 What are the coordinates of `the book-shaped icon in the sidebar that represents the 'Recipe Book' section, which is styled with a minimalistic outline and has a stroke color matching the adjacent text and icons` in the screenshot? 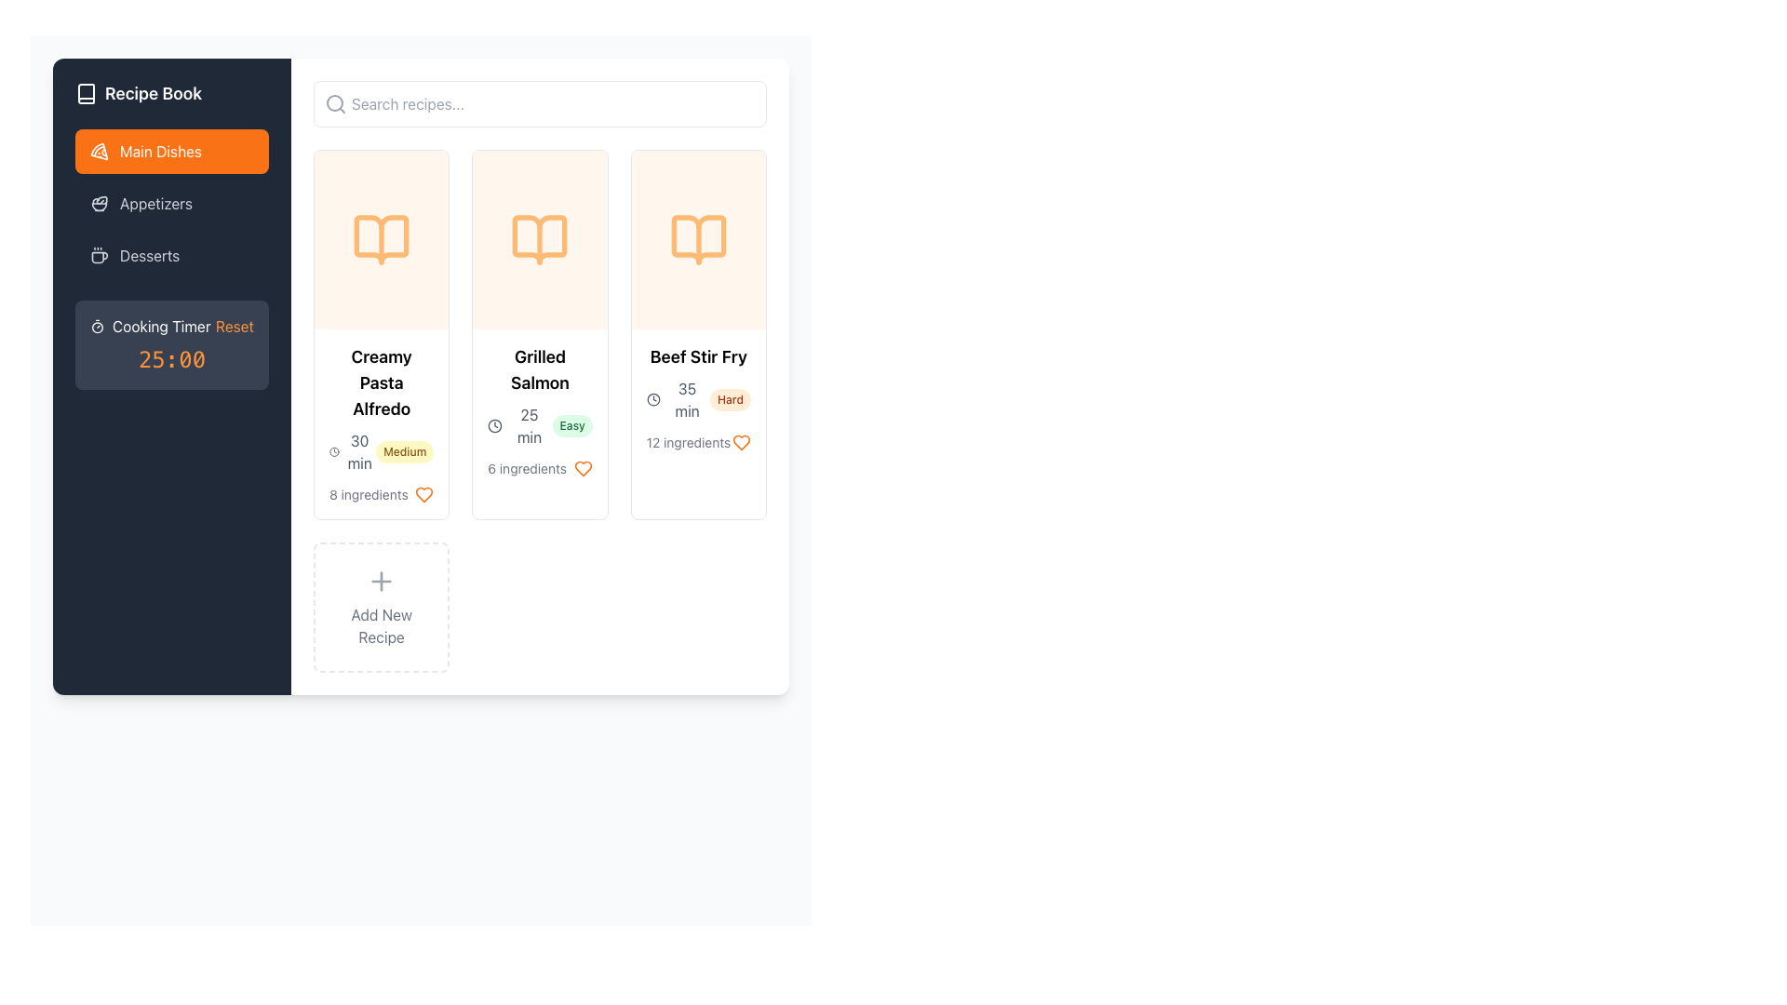 It's located at (85, 93).